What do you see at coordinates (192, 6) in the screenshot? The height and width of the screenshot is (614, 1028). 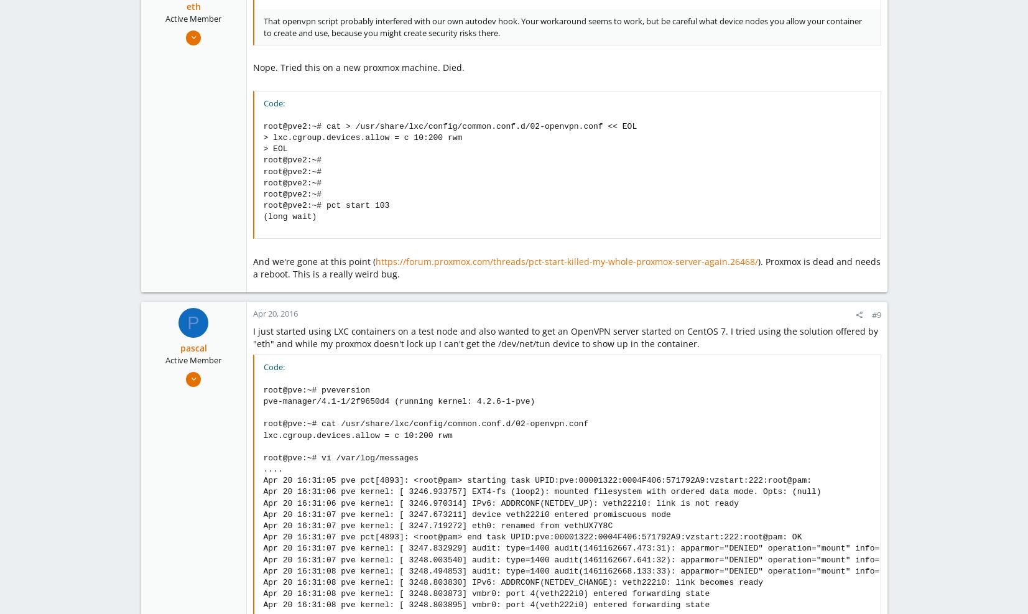 I see `'eth'` at bounding box center [192, 6].